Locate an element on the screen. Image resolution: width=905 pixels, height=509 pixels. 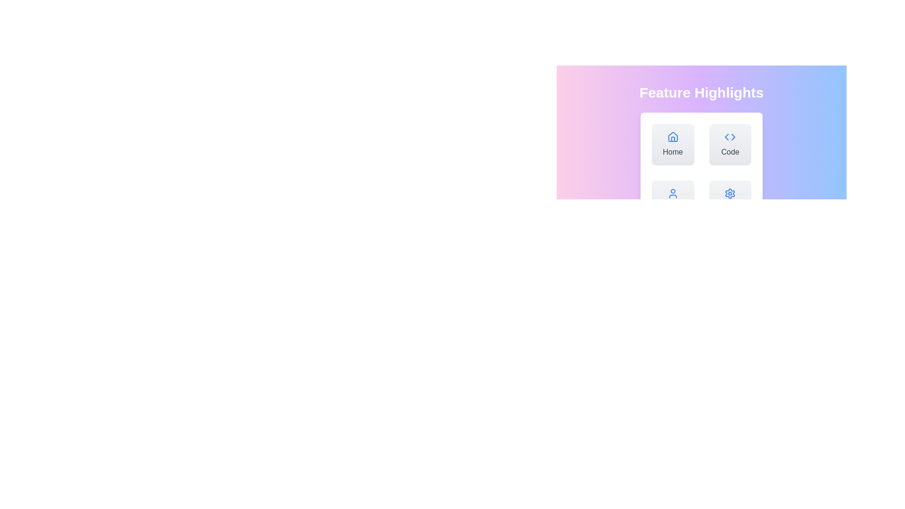
text from the Text Label located at the bottom of the second card in the second row of the grid under 'Feature Highlights', positioned below a blue icon that represents code is located at coordinates (730, 152).